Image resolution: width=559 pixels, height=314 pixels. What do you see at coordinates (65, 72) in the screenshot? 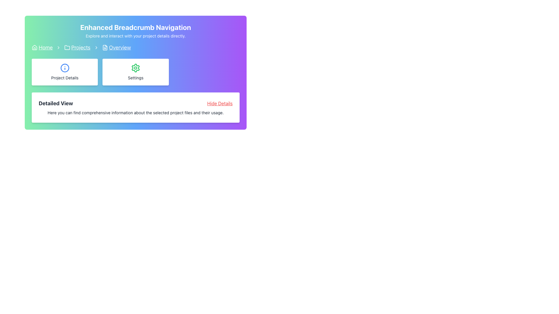
I see `the navigation button located` at bounding box center [65, 72].